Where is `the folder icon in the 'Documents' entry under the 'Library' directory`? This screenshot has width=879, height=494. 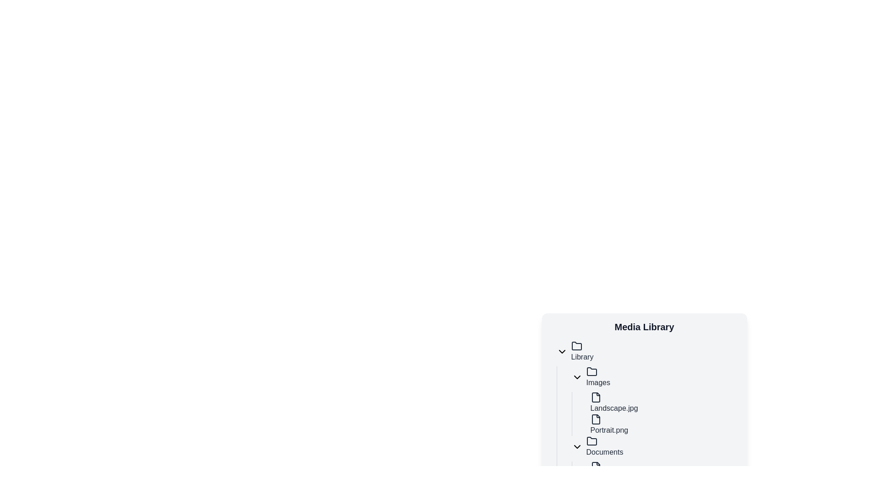 the folder icon in the 'Documents' entry under the 'Library' directory is located at coordinates (591, 440).